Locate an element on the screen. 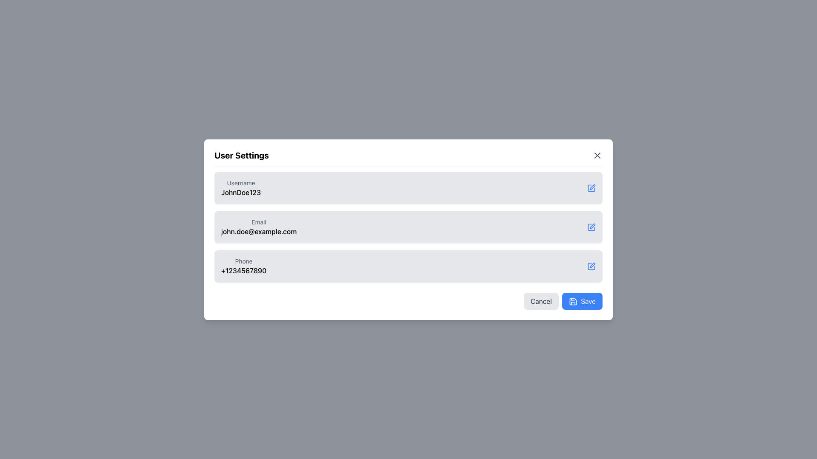 This screenshot has height=459, width=817. the edit tool icon, which is a small stylized pen-like graphic located to the right of the 'Phone' input field is located at coordinates (592, 265).